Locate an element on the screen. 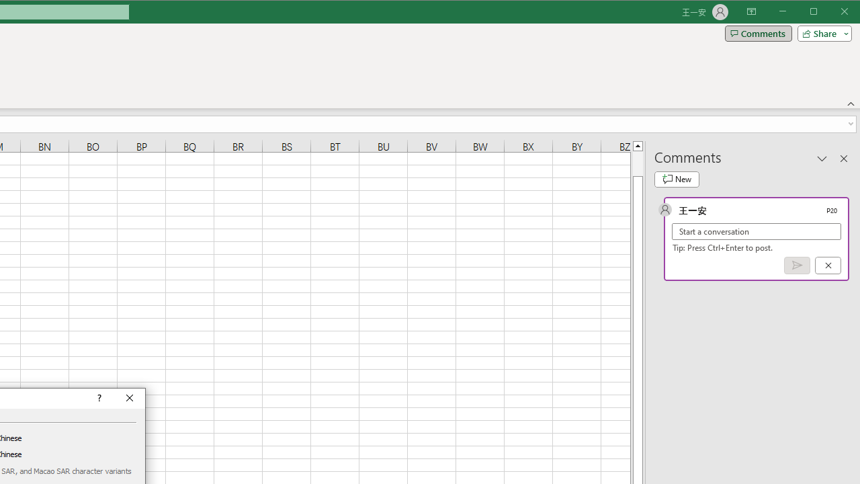  'Page up' is located at coordinates (637, 163).